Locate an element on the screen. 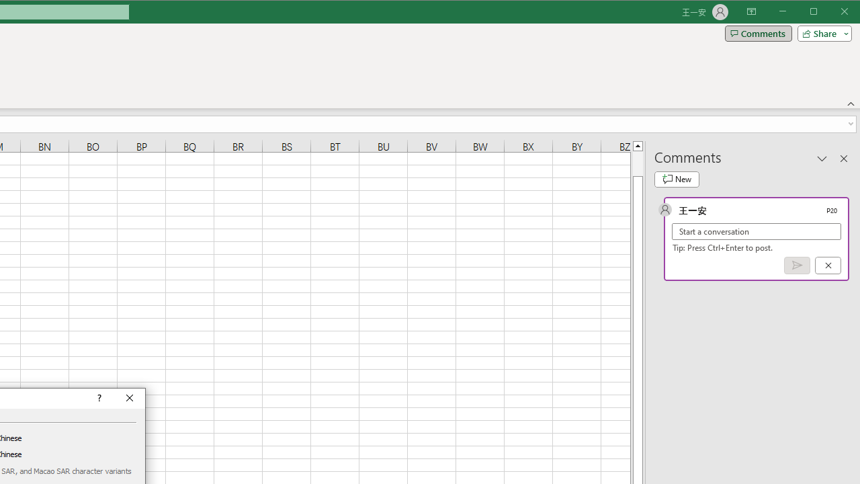  'Page up' is located at coordinates (637, 163).